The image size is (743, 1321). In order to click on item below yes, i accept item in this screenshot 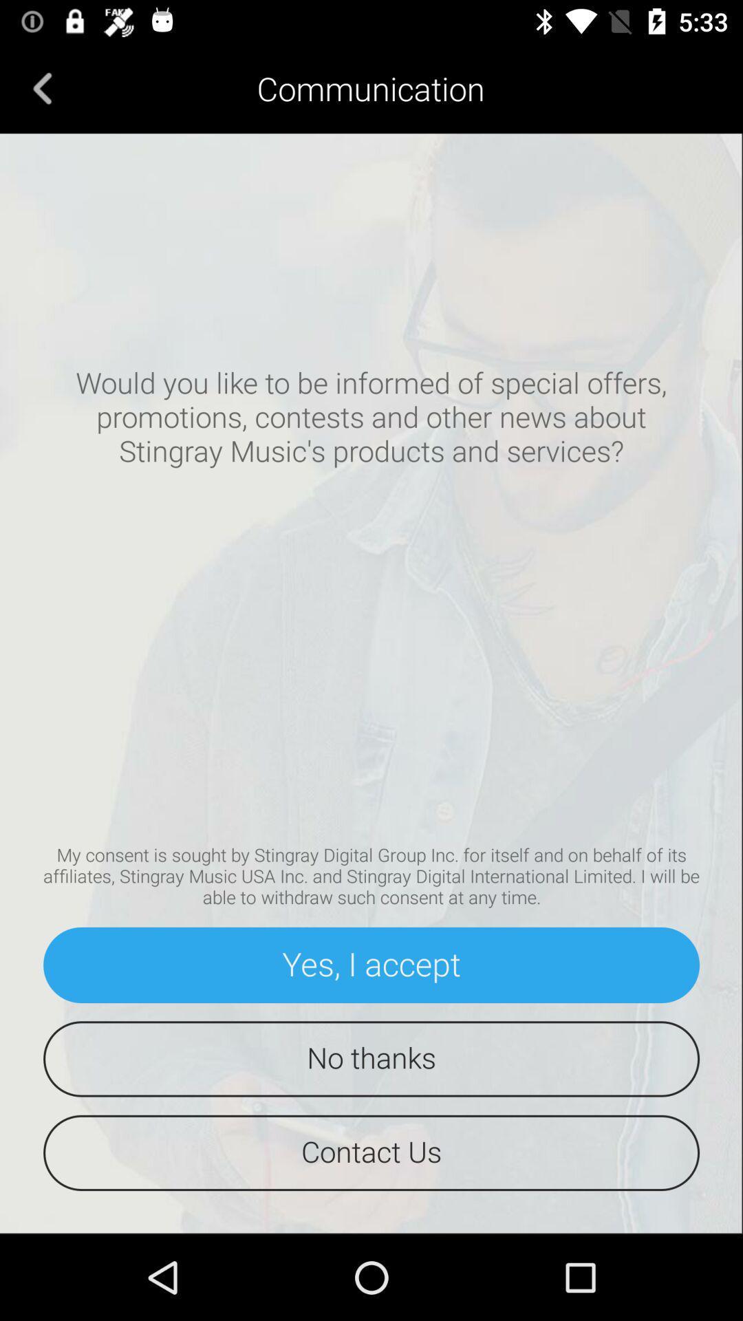, I will do `click(371, 1058)`.